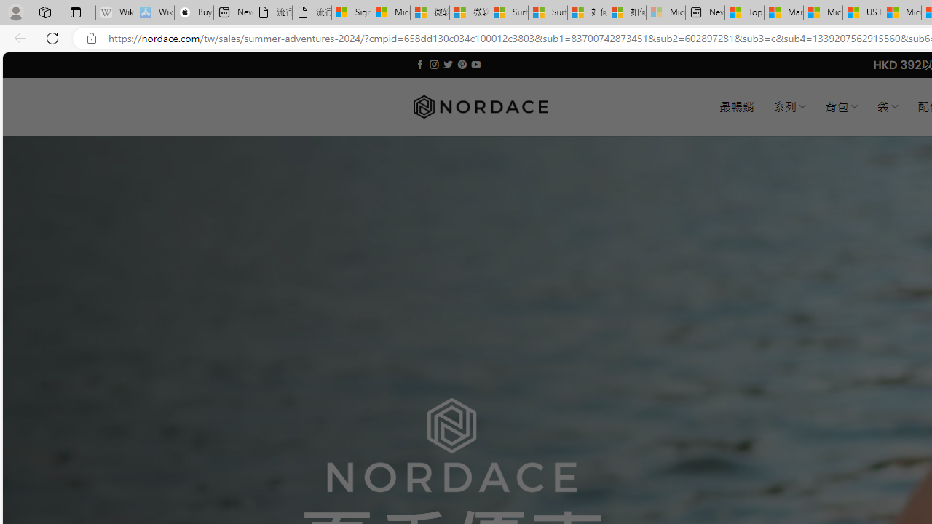 This screenshot has width=932, height=524. I want to click on 'Wikipedia - Sleeping', so click(114, 12).